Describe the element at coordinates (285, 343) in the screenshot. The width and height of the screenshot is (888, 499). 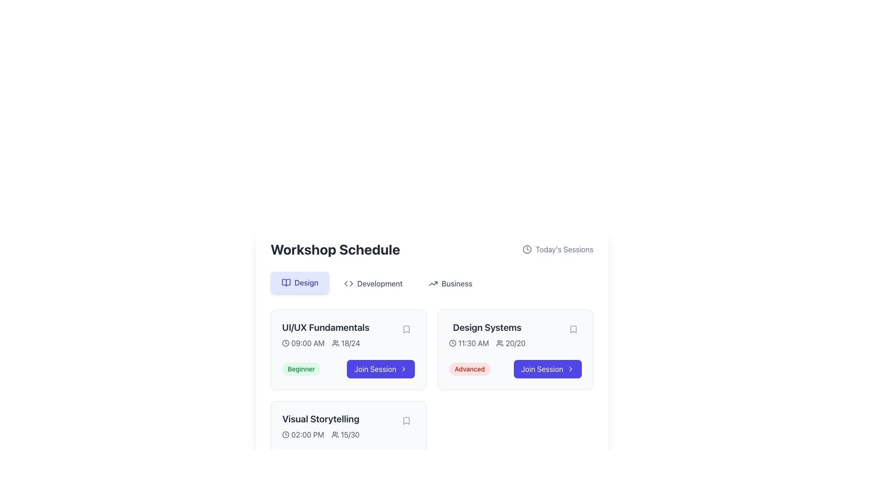
I see `the circular clock face icon located in the bottom-left corner of the 'UI/UX Fundamentals' card, which is positioned to the left of the time indicator '09:00 AM'` at that location.